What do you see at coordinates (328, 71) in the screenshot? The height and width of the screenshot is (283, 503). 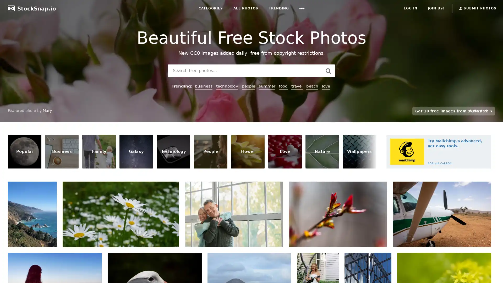 I see `Search` at bounding box center [328, 71].